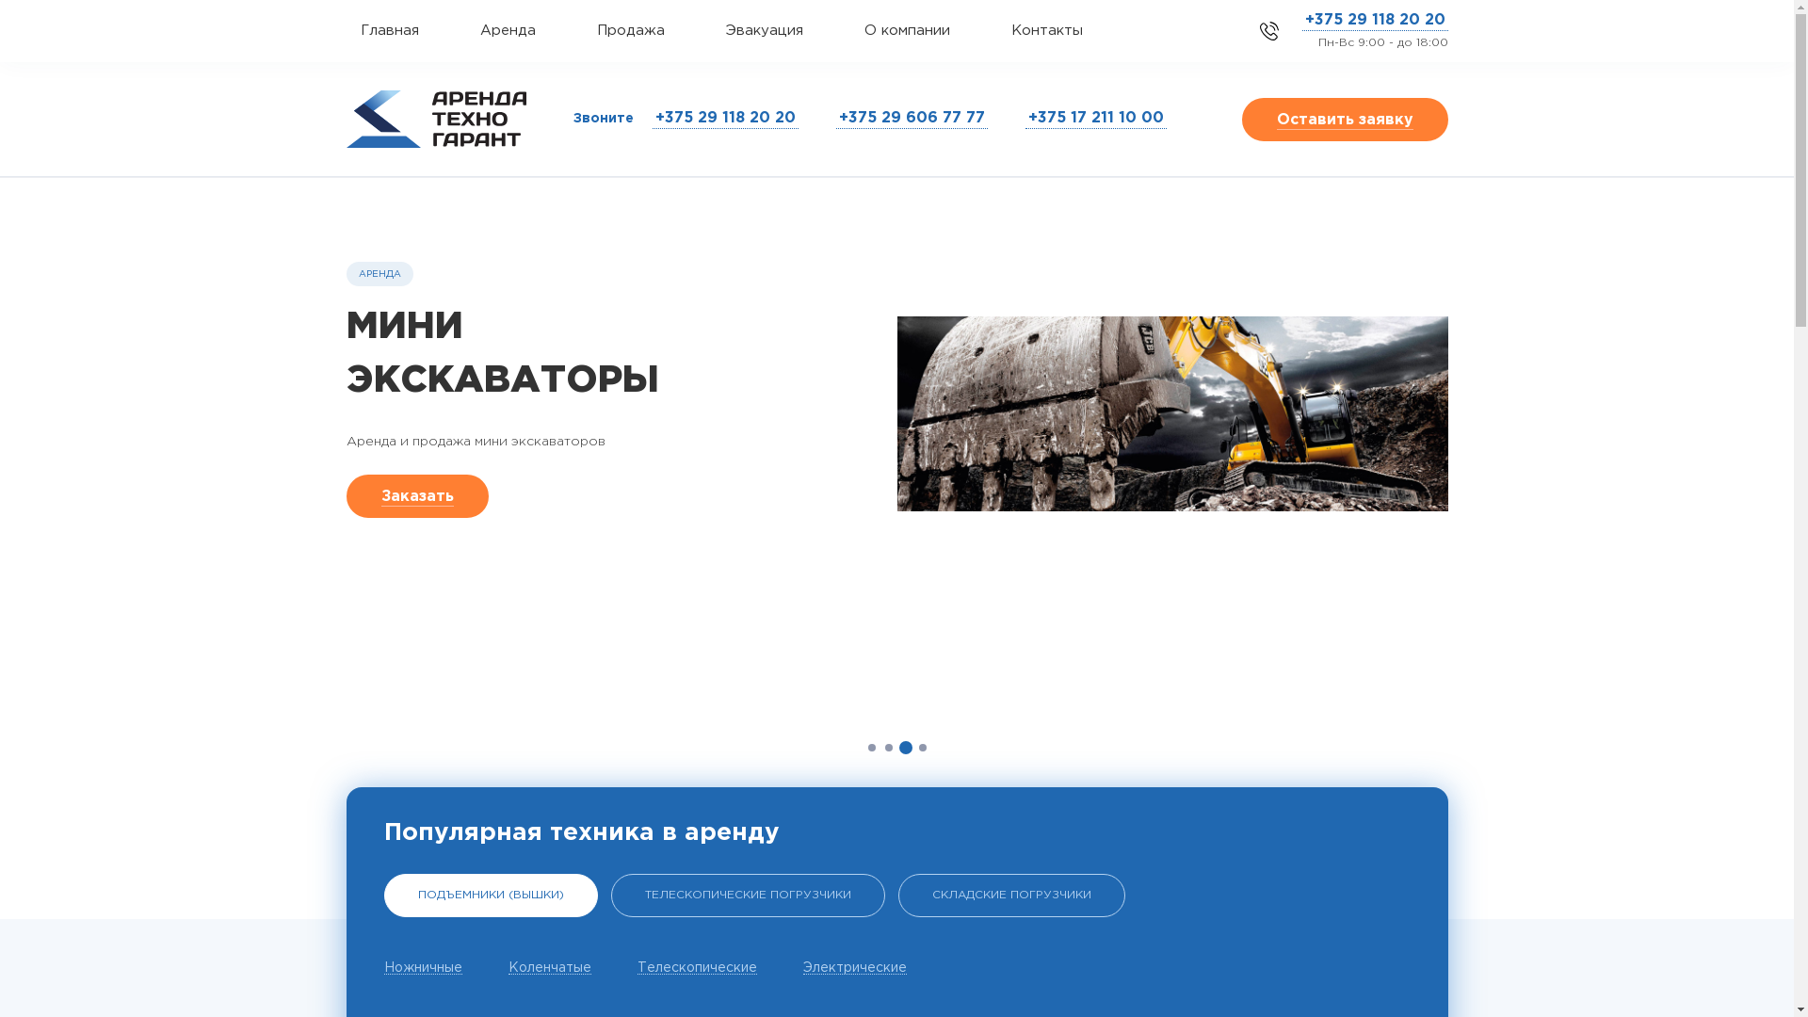 The image size is (1808, 1017). I want to click on '1', so click(871, 747).